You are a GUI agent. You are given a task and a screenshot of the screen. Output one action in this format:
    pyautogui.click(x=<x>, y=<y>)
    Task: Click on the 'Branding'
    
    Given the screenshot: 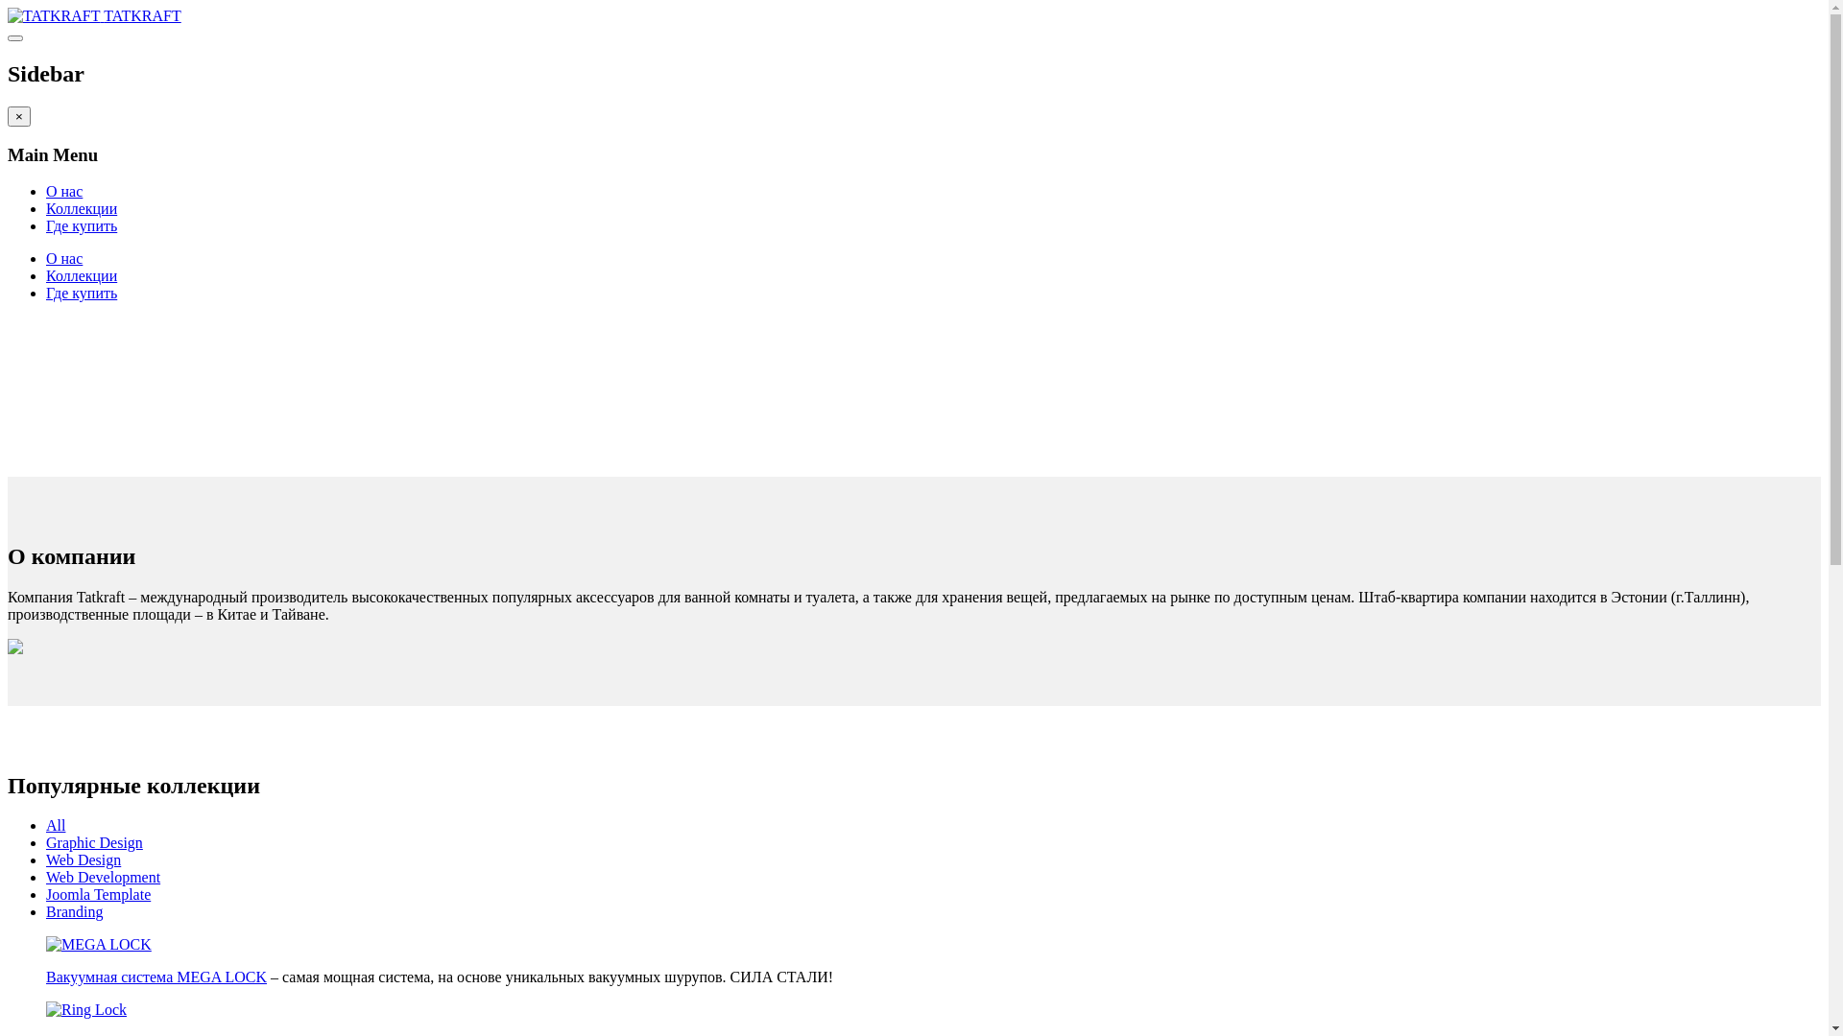 What is the action you would take?
    pyautogui.click(x=74, y=910)
    